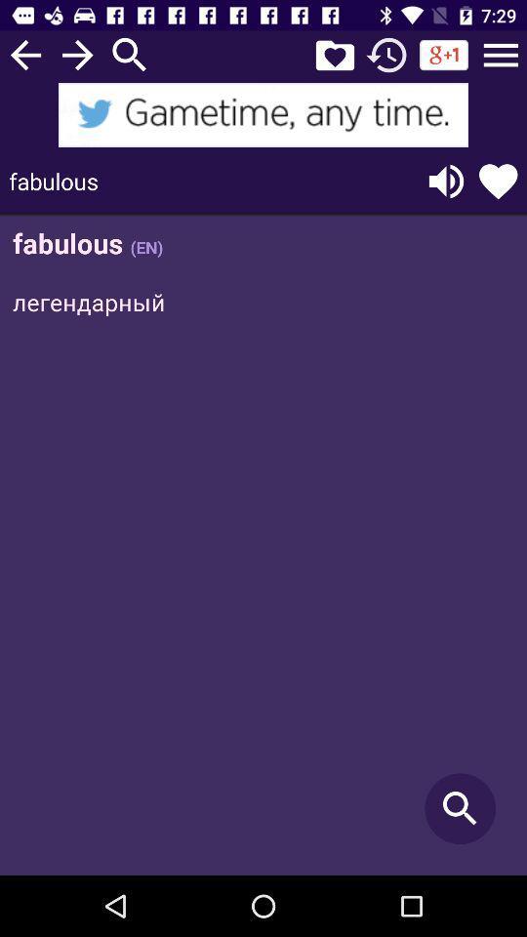 The width and height of the screenshot is (527, 937). I want to click on interact with advertisement, so click(263, 114).